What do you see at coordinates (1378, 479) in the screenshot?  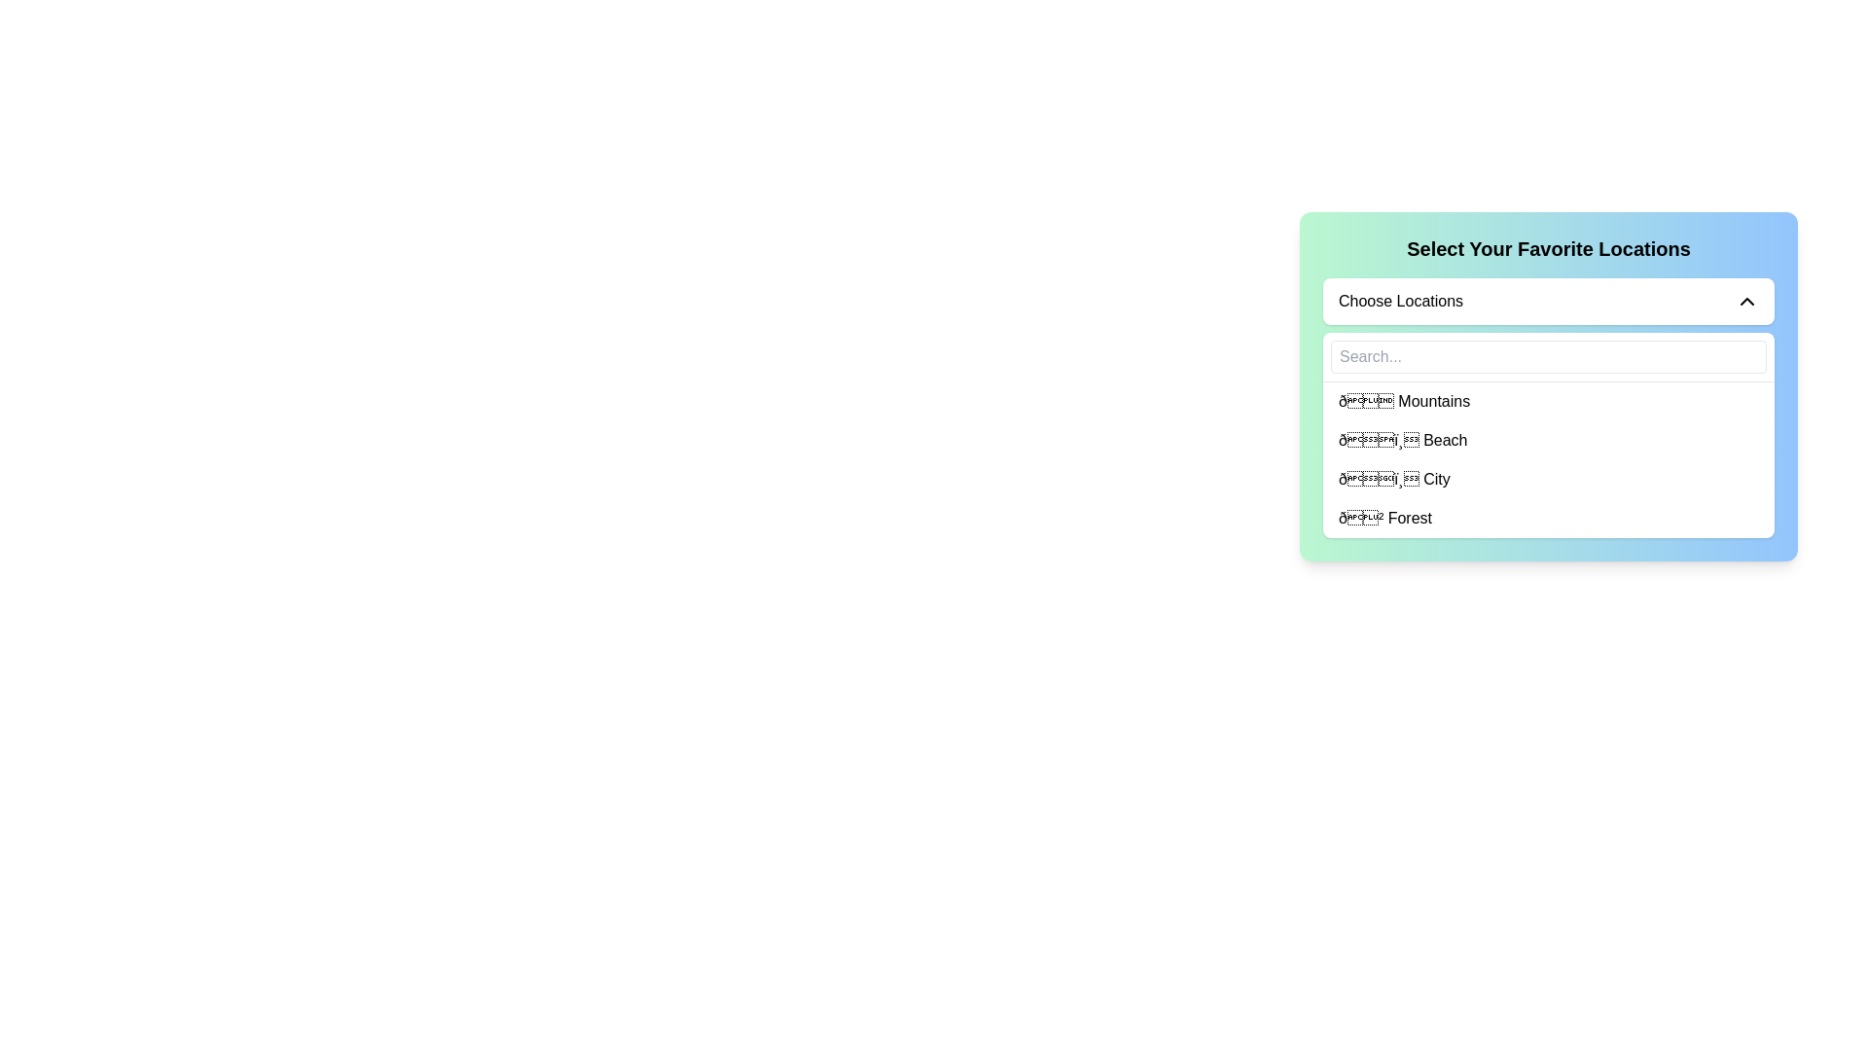 I see `the city emoji icon located to the left of the 'City' label in the 'Select Your Favorite Locations' modal popup` at bounding box center [1378, 479].